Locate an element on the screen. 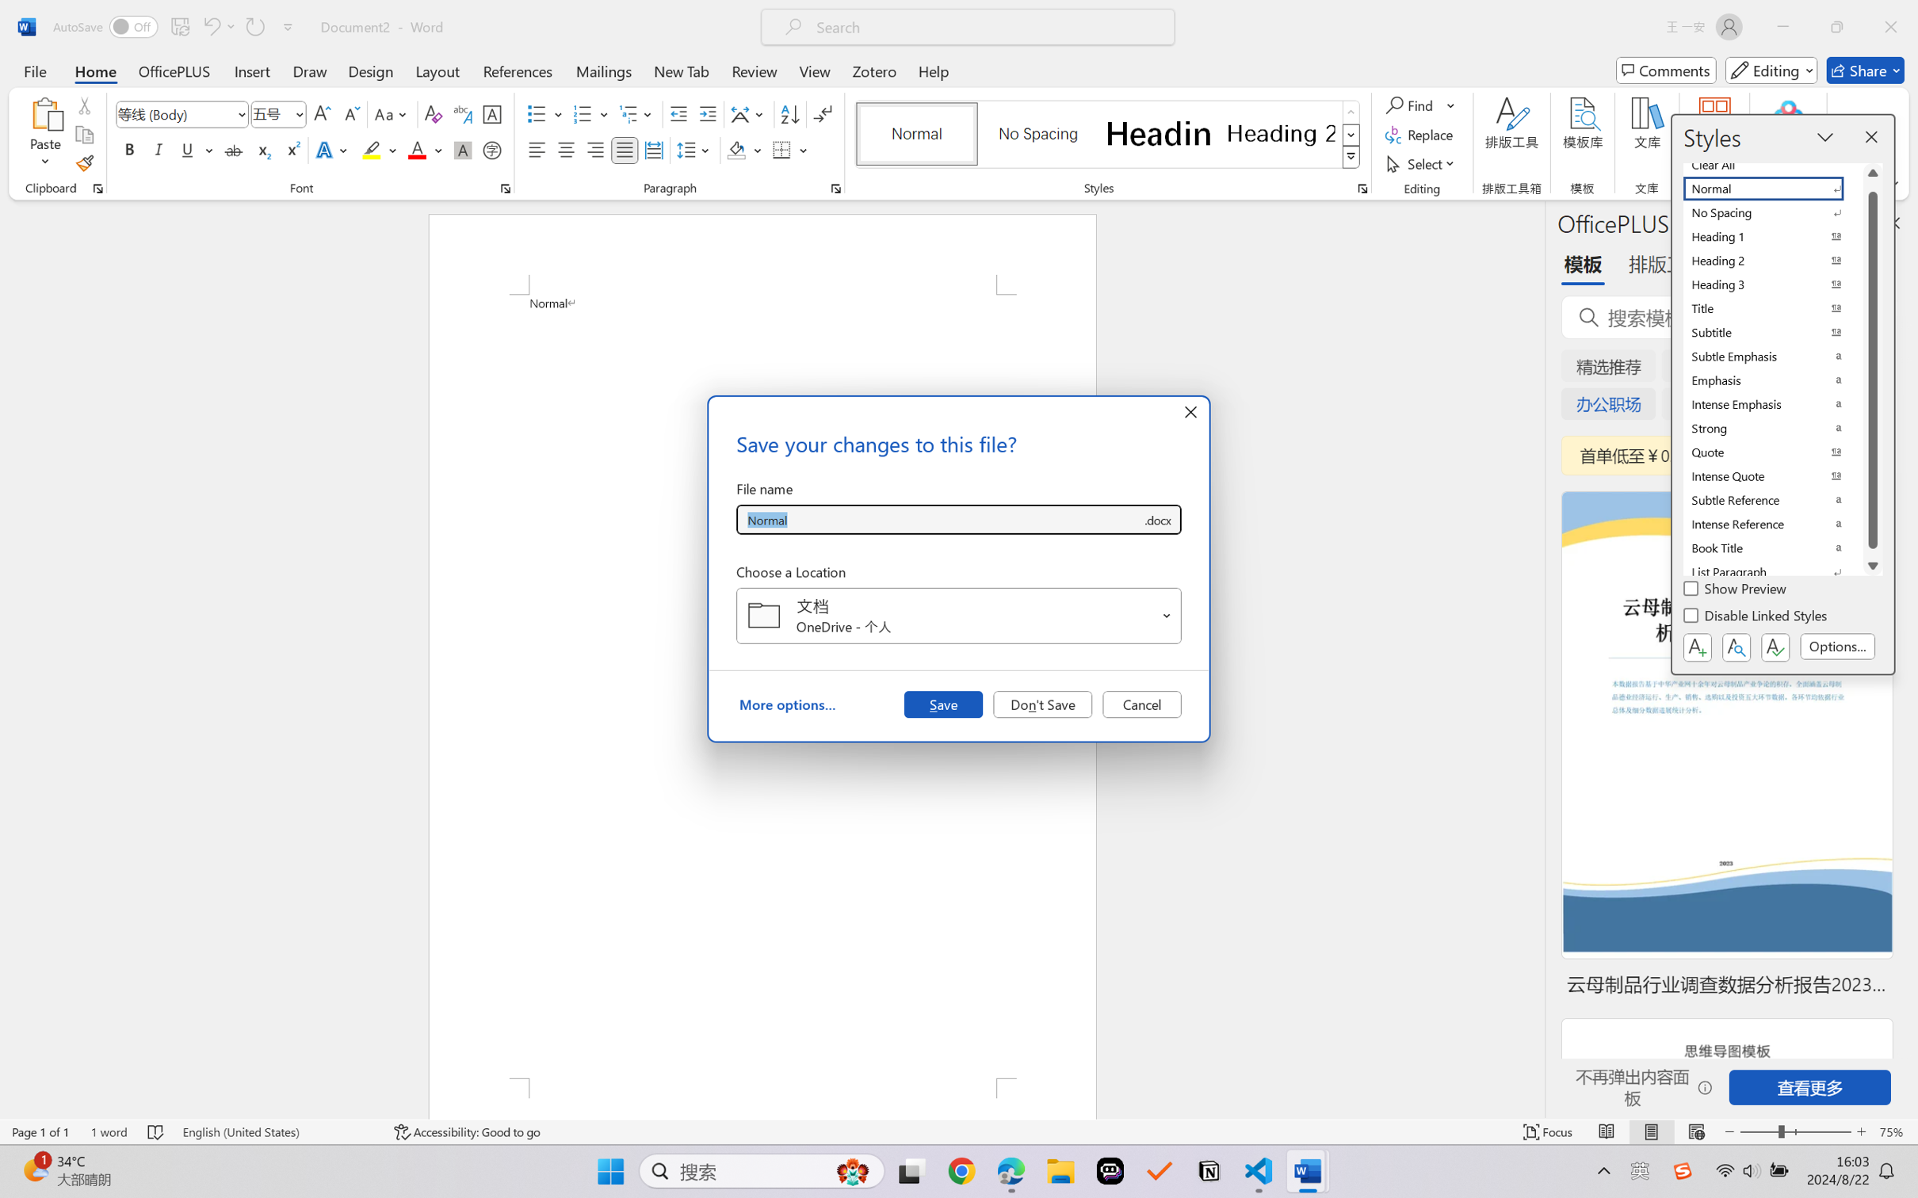 This screenshot has height=1198, width=1918. 'Undo Apply Quick Style' is located at coordinates (210, 26).